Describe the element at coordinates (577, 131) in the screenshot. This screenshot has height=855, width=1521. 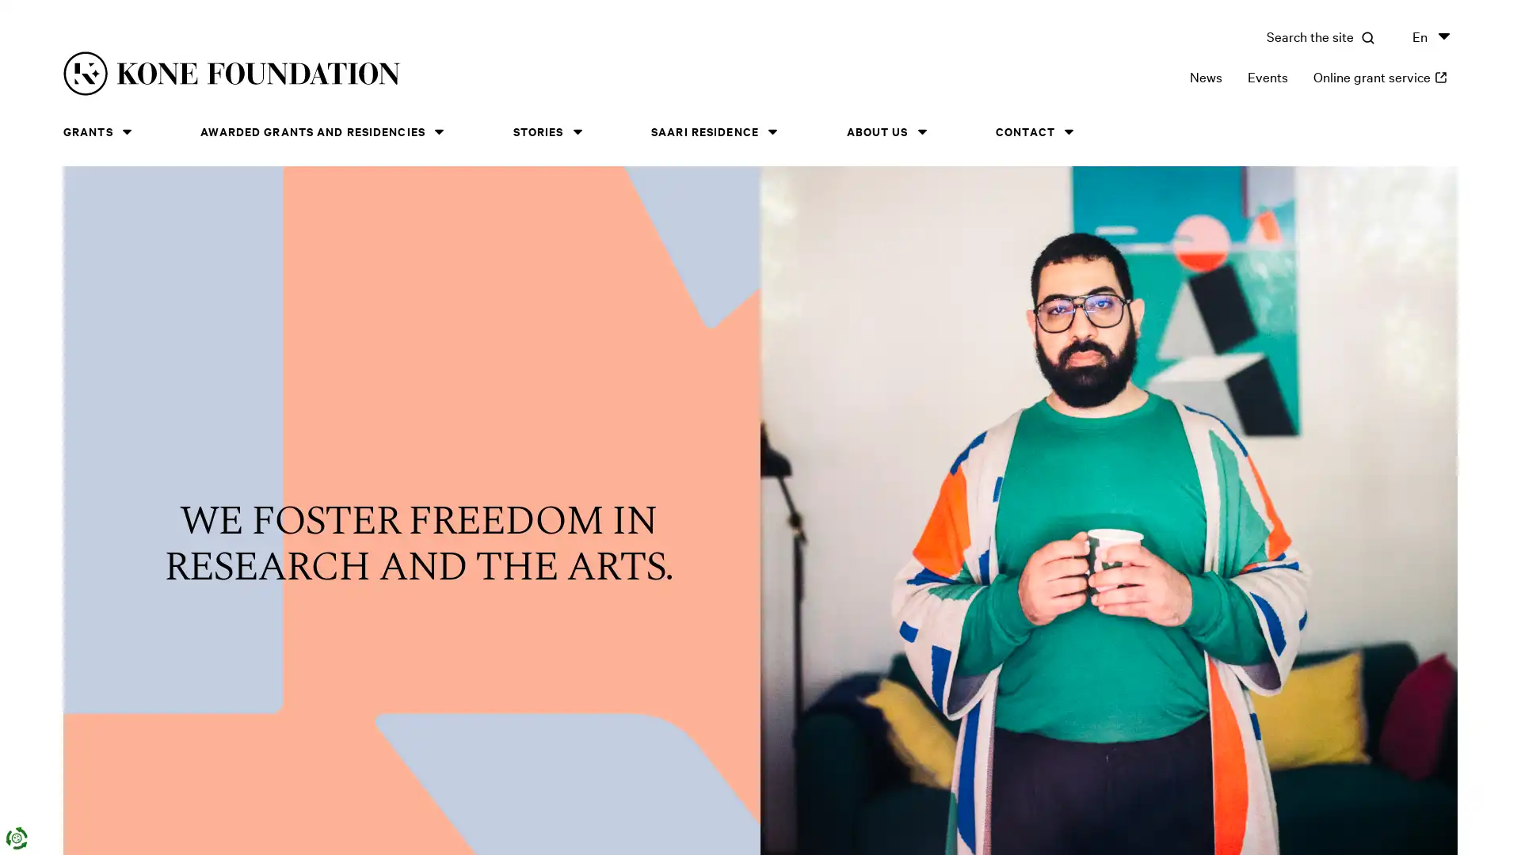
I see `Stories osion alavalikko` at that location.